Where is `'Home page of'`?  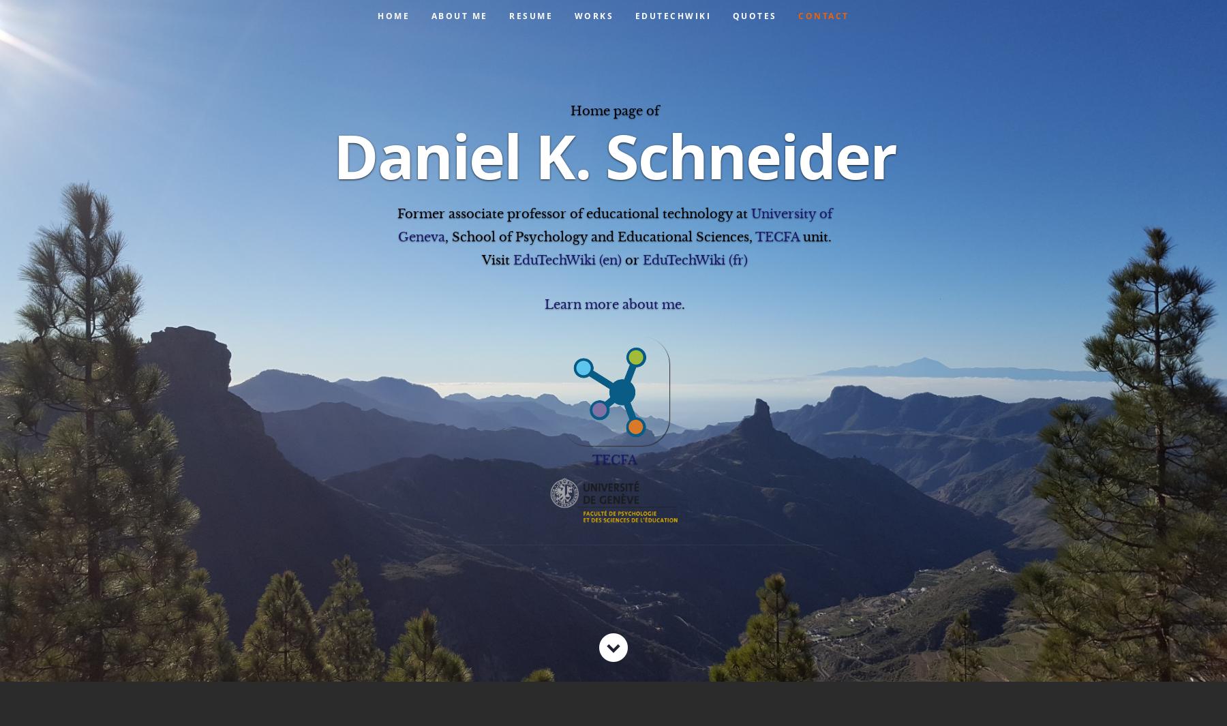
'Home page of' is located at coordinates (613, 109).